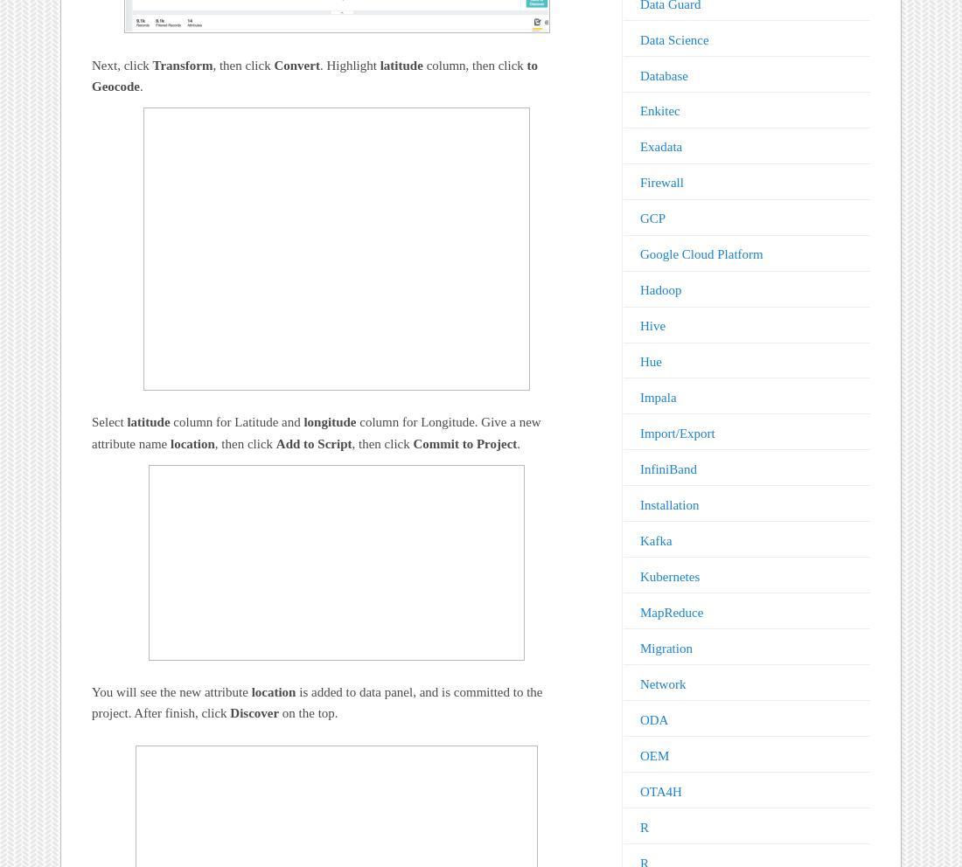 This screenshot has width=962, height=867. I want to click on 'Installation', so click(638, 505).